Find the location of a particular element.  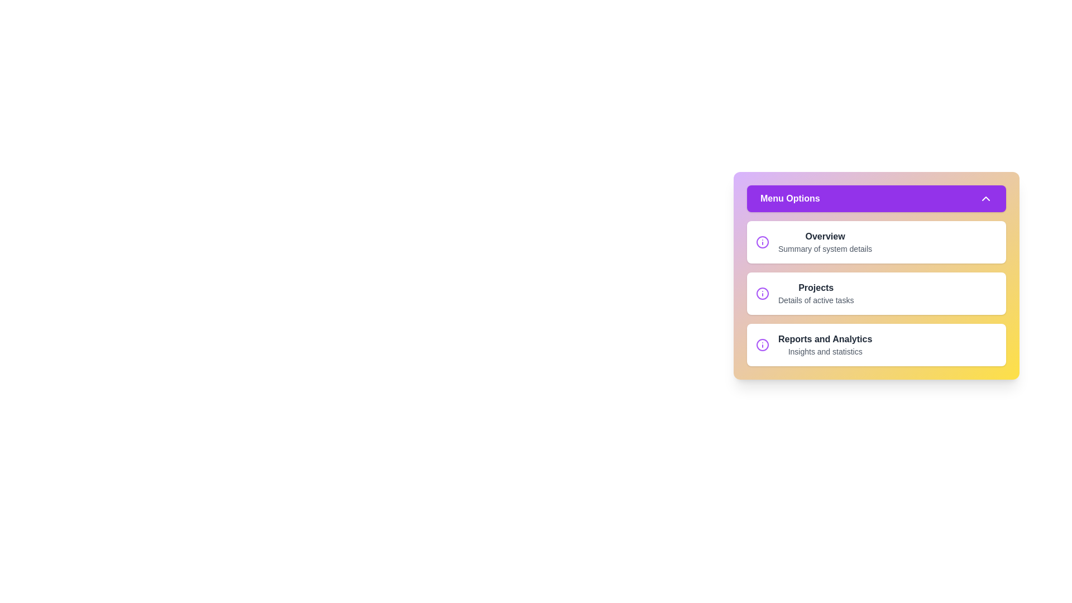

the information icon next to Projects in the menu is located at coordinates (762, 293).